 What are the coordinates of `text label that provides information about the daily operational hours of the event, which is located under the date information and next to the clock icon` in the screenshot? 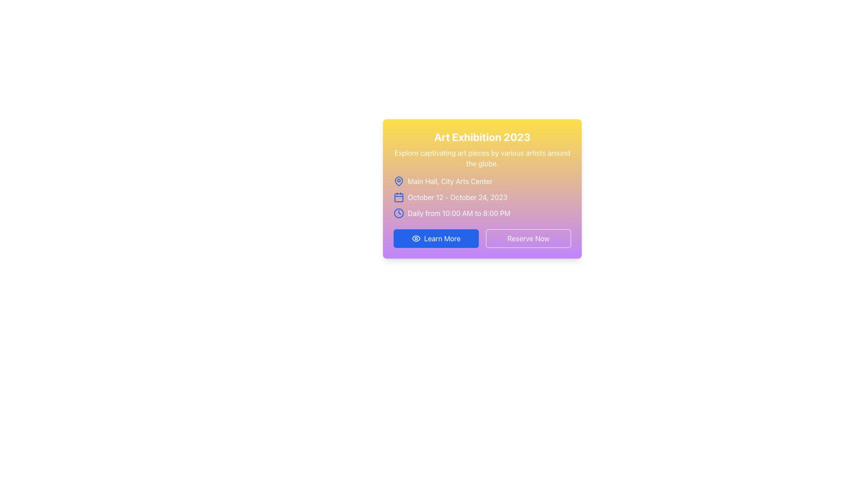 It's located at (459, 213).